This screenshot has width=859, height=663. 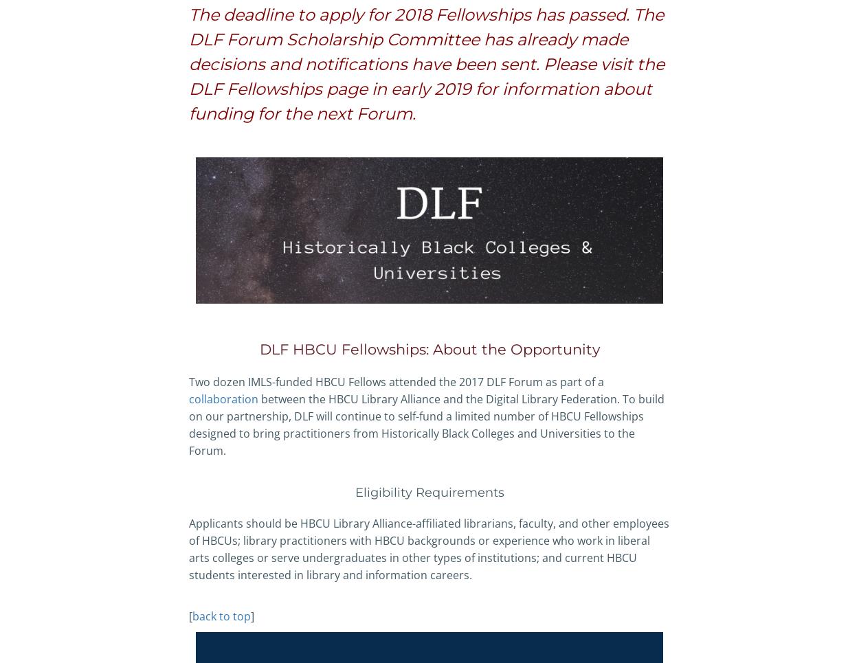 What do you see at coordinates (223, 399) in the screenshot?
I see `'collaboration'` at bounding box center [223, 399].